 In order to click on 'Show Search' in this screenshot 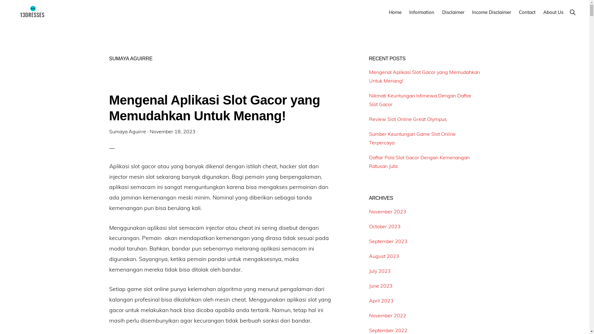, I will do `click(572, 12)`.